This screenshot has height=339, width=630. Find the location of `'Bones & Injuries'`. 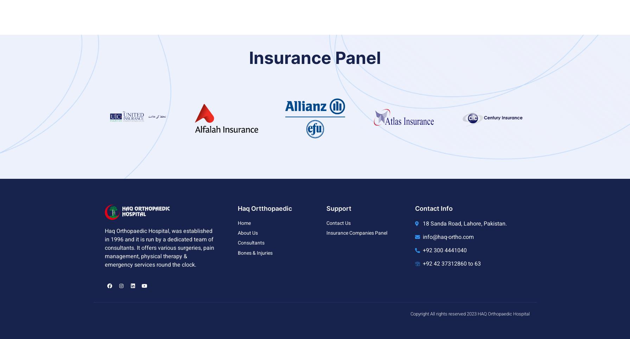

'Bones & Injuries' is located at coordinates (255, 253).